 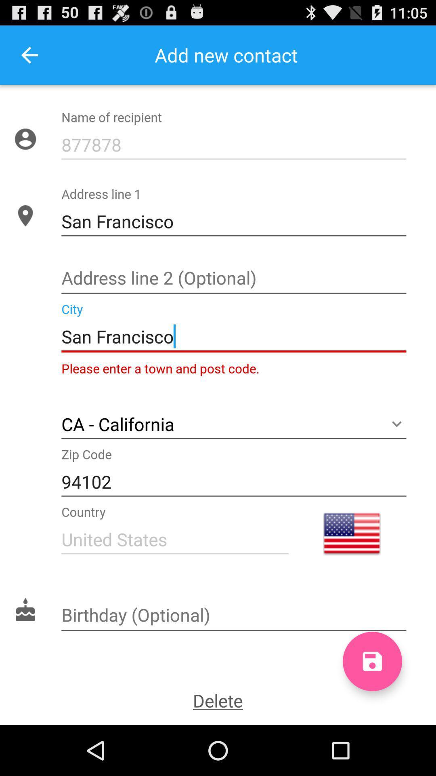 I want to click on contact, so click(x=372, y=661).